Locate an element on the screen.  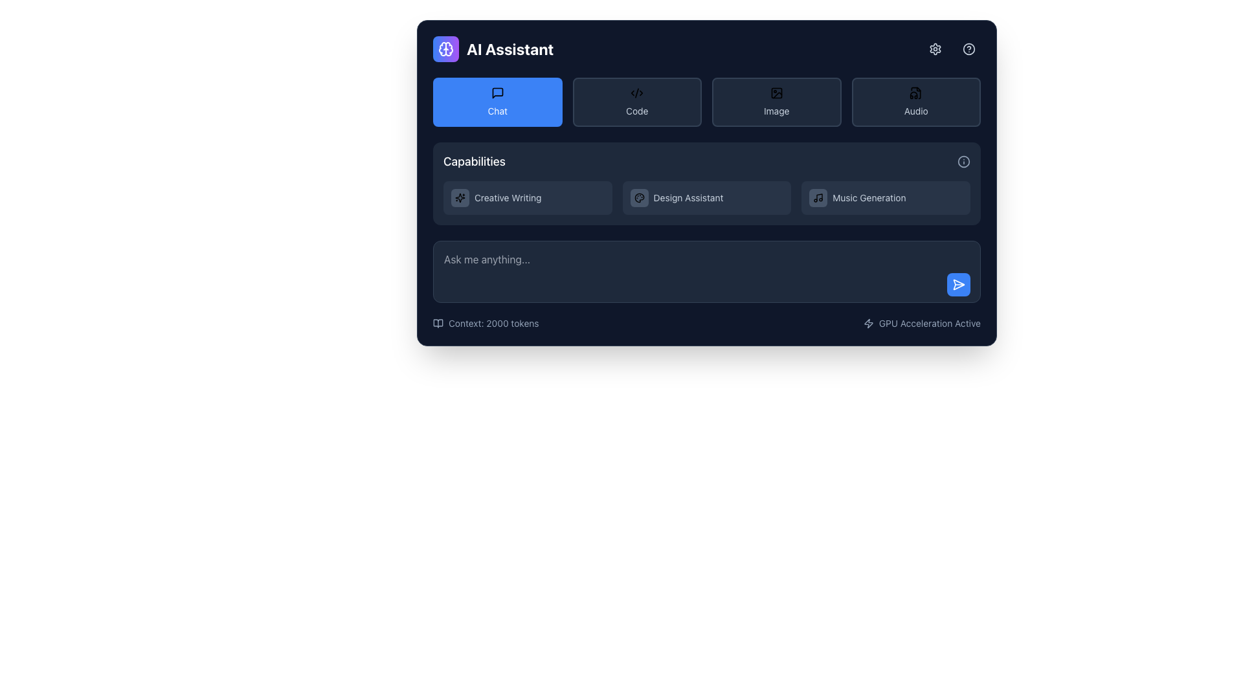
the static text element displaying 'Context: 2000 tokens' styled in light gray on a dark blue background, located at the bottom-left of the interface is located at coordinates (493, 323).